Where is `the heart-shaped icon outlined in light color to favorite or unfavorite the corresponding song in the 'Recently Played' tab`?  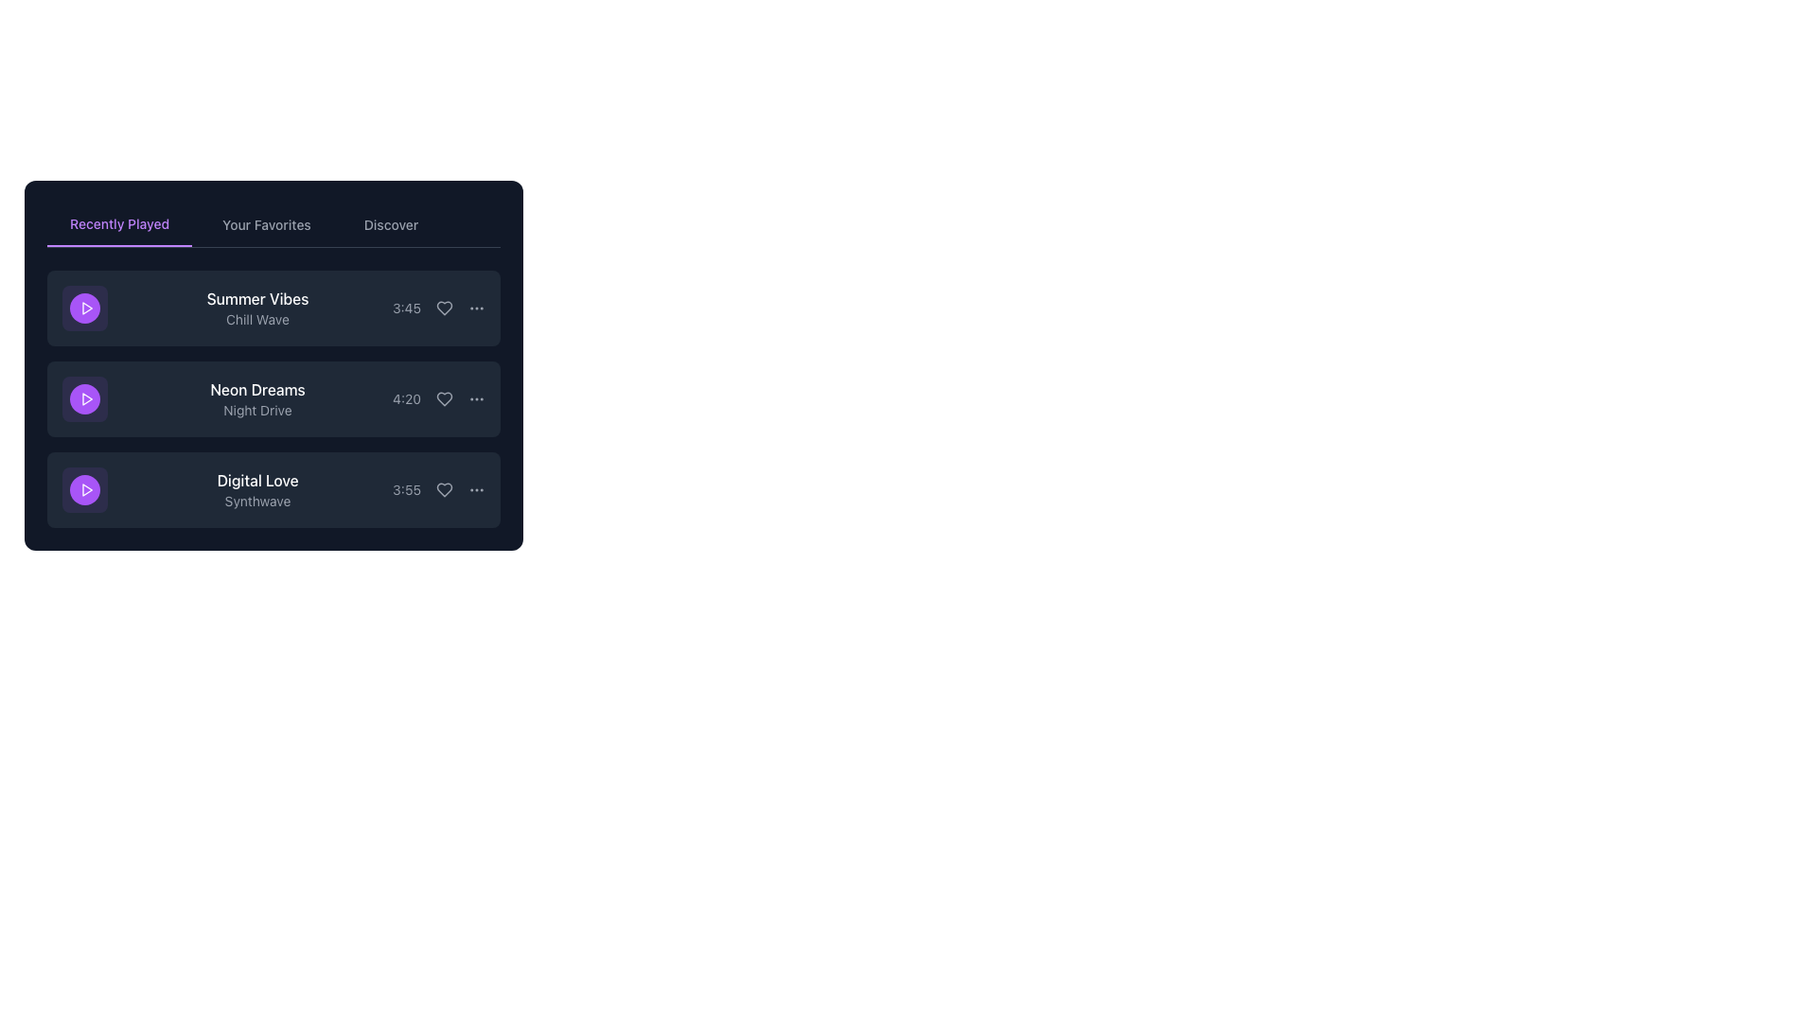 the heart-shaped icon outlined in light color to favorite or unfavorite the corresponding song in the 'Recently Played' tab is located at coordinates (444, 488).